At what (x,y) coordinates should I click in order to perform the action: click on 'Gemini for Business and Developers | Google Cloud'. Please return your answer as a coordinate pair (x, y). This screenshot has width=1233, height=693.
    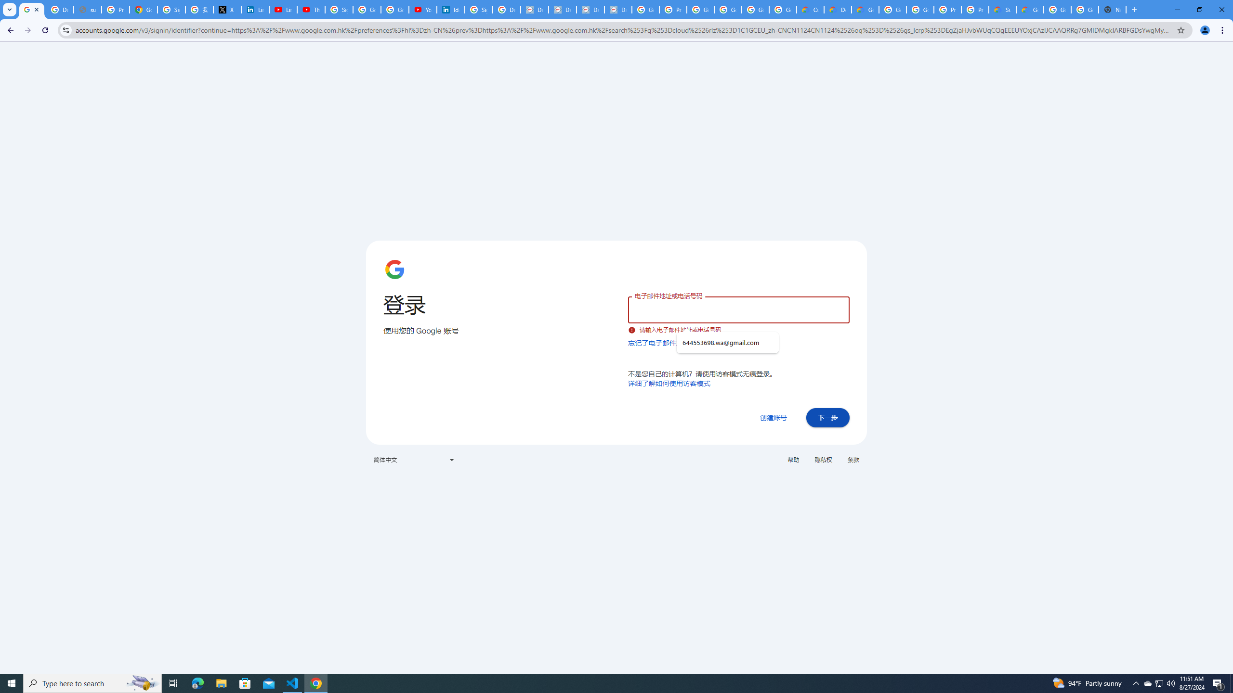
    Looking at the image, I should click on (864, 9).